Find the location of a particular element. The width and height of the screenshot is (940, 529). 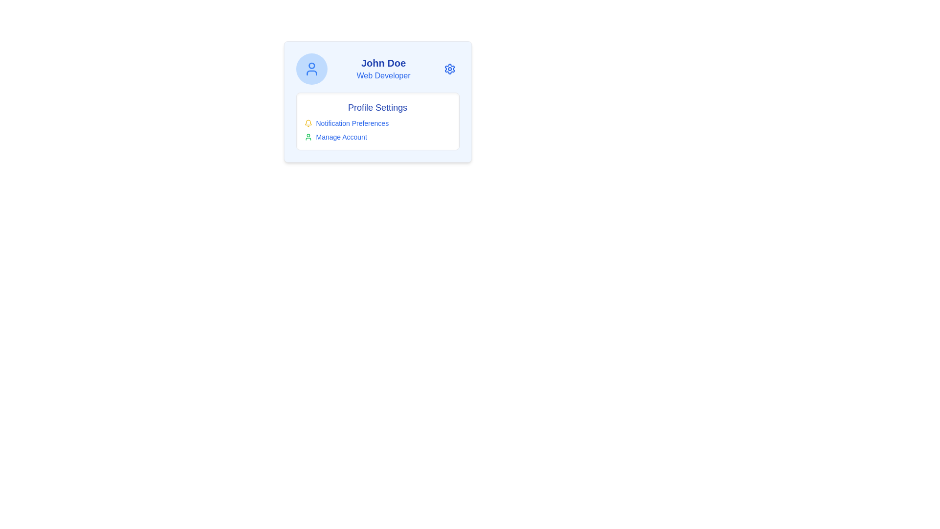

the circular avatar icon with a blue fill background and user silhouette located at the top-left corner of the user profile card is located at coordinates (311, 69).